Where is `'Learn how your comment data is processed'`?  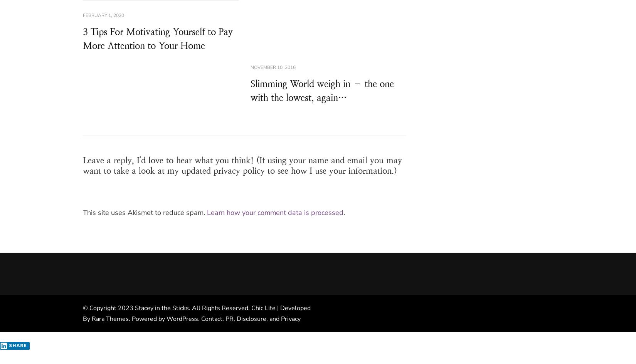
'Learn how your comment data is processed' is located at coordinates (274, 212).